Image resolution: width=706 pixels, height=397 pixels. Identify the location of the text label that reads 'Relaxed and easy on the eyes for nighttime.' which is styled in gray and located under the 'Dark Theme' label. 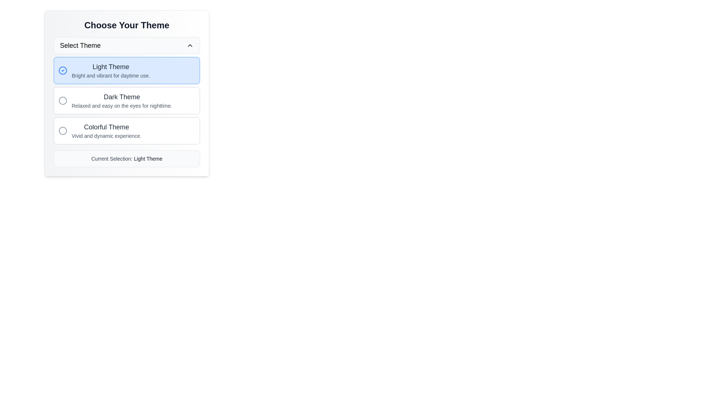
(122, 106).